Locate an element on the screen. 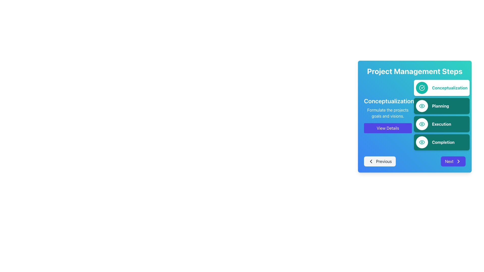 The height and width of the screenshot is (272, 484). the 'Completion' button in the Project Management workflow, positioned fourth in the vertical stack of step buttons is located at coordinates (441, 142).